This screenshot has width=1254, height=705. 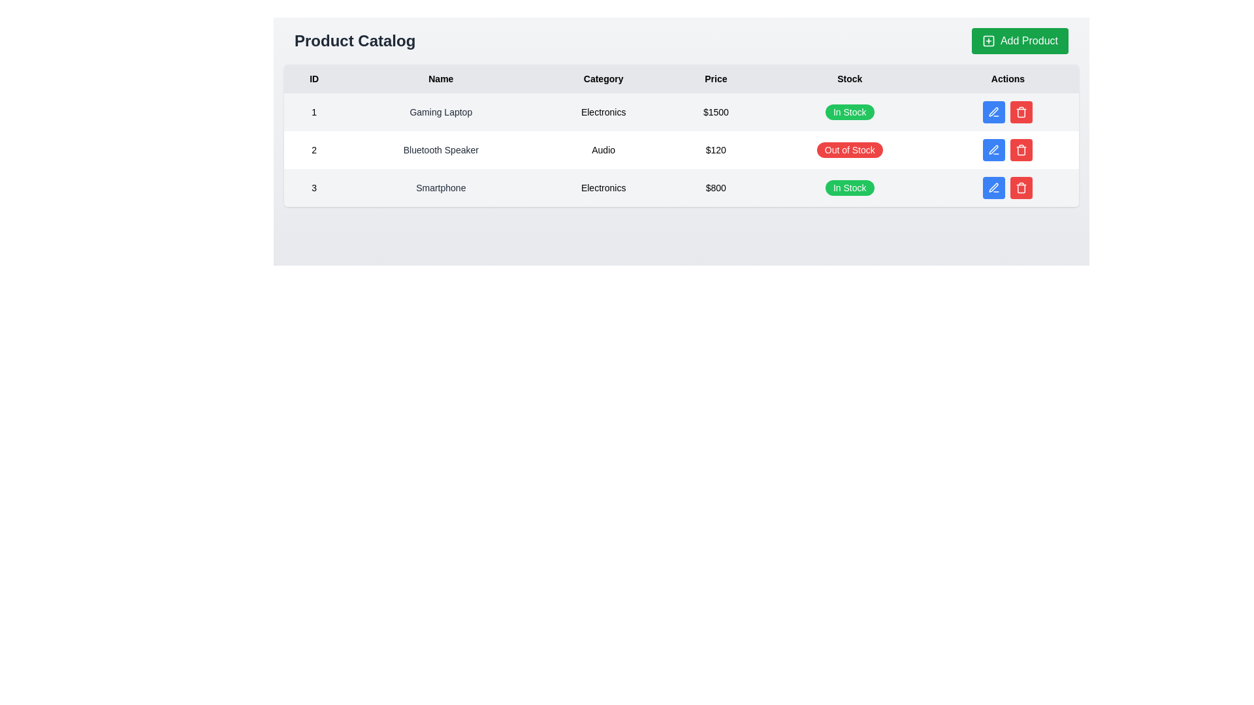 What do you see at coordinates (603, 149) in the screenshot?
I see `the informational label representing the category of the 'Bluetooth Speaker' entry in the table's 'Category' column` at bounding box center [603, 149].